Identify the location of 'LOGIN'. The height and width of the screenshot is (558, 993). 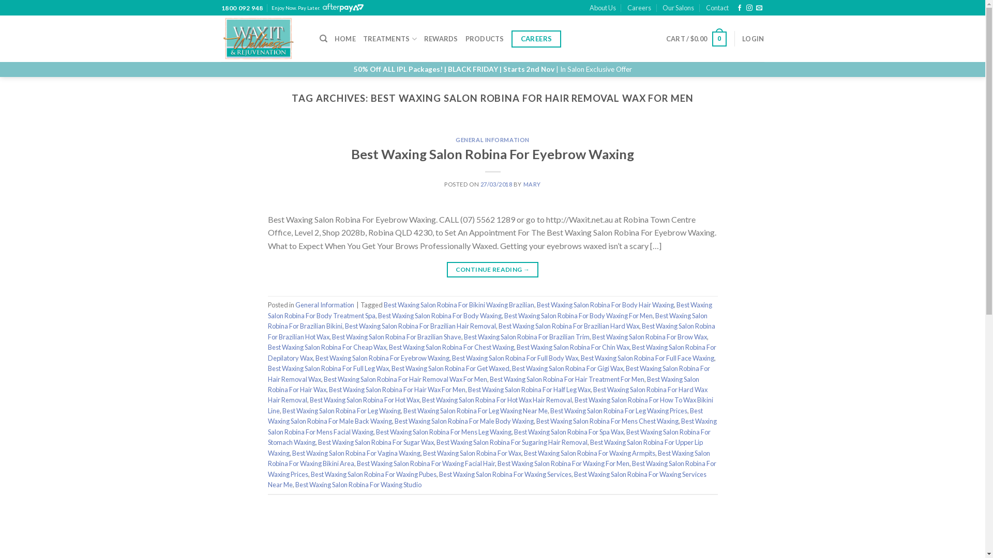
(753, 38).